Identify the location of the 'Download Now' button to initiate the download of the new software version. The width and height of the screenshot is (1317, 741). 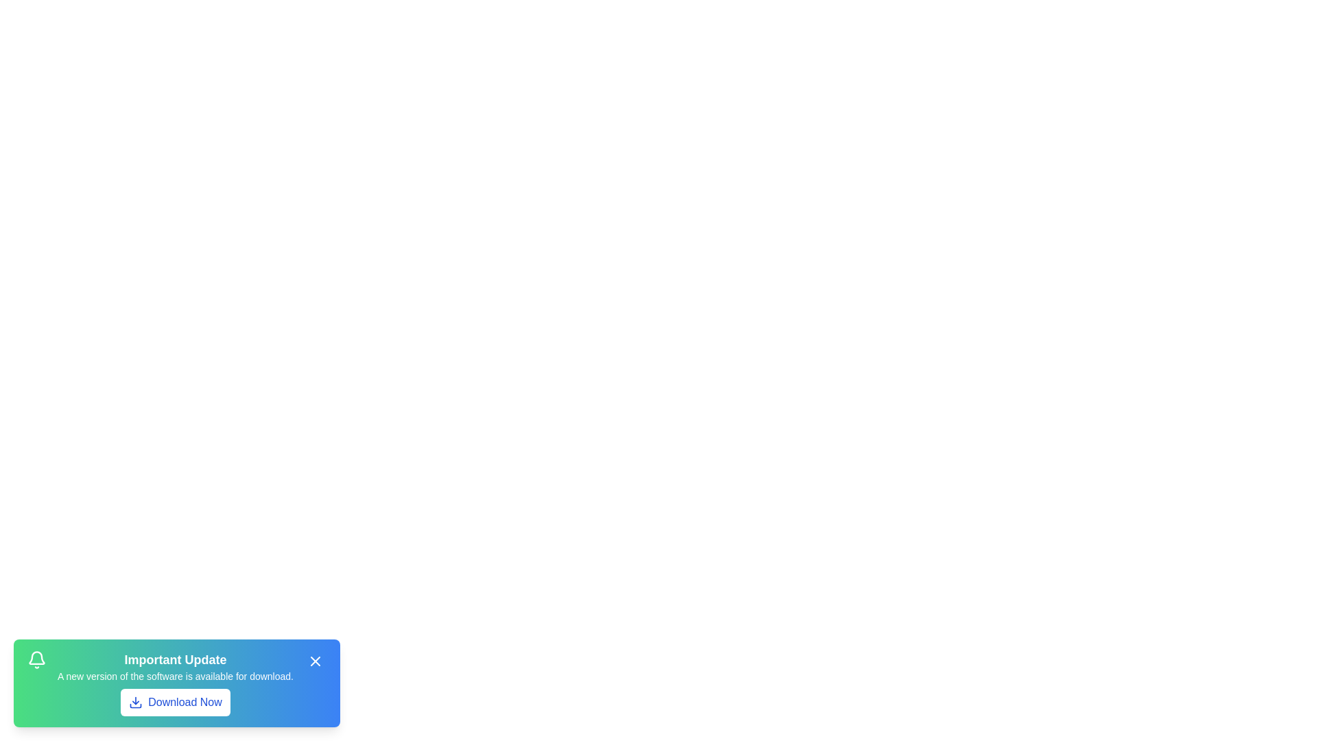
(174, 702).